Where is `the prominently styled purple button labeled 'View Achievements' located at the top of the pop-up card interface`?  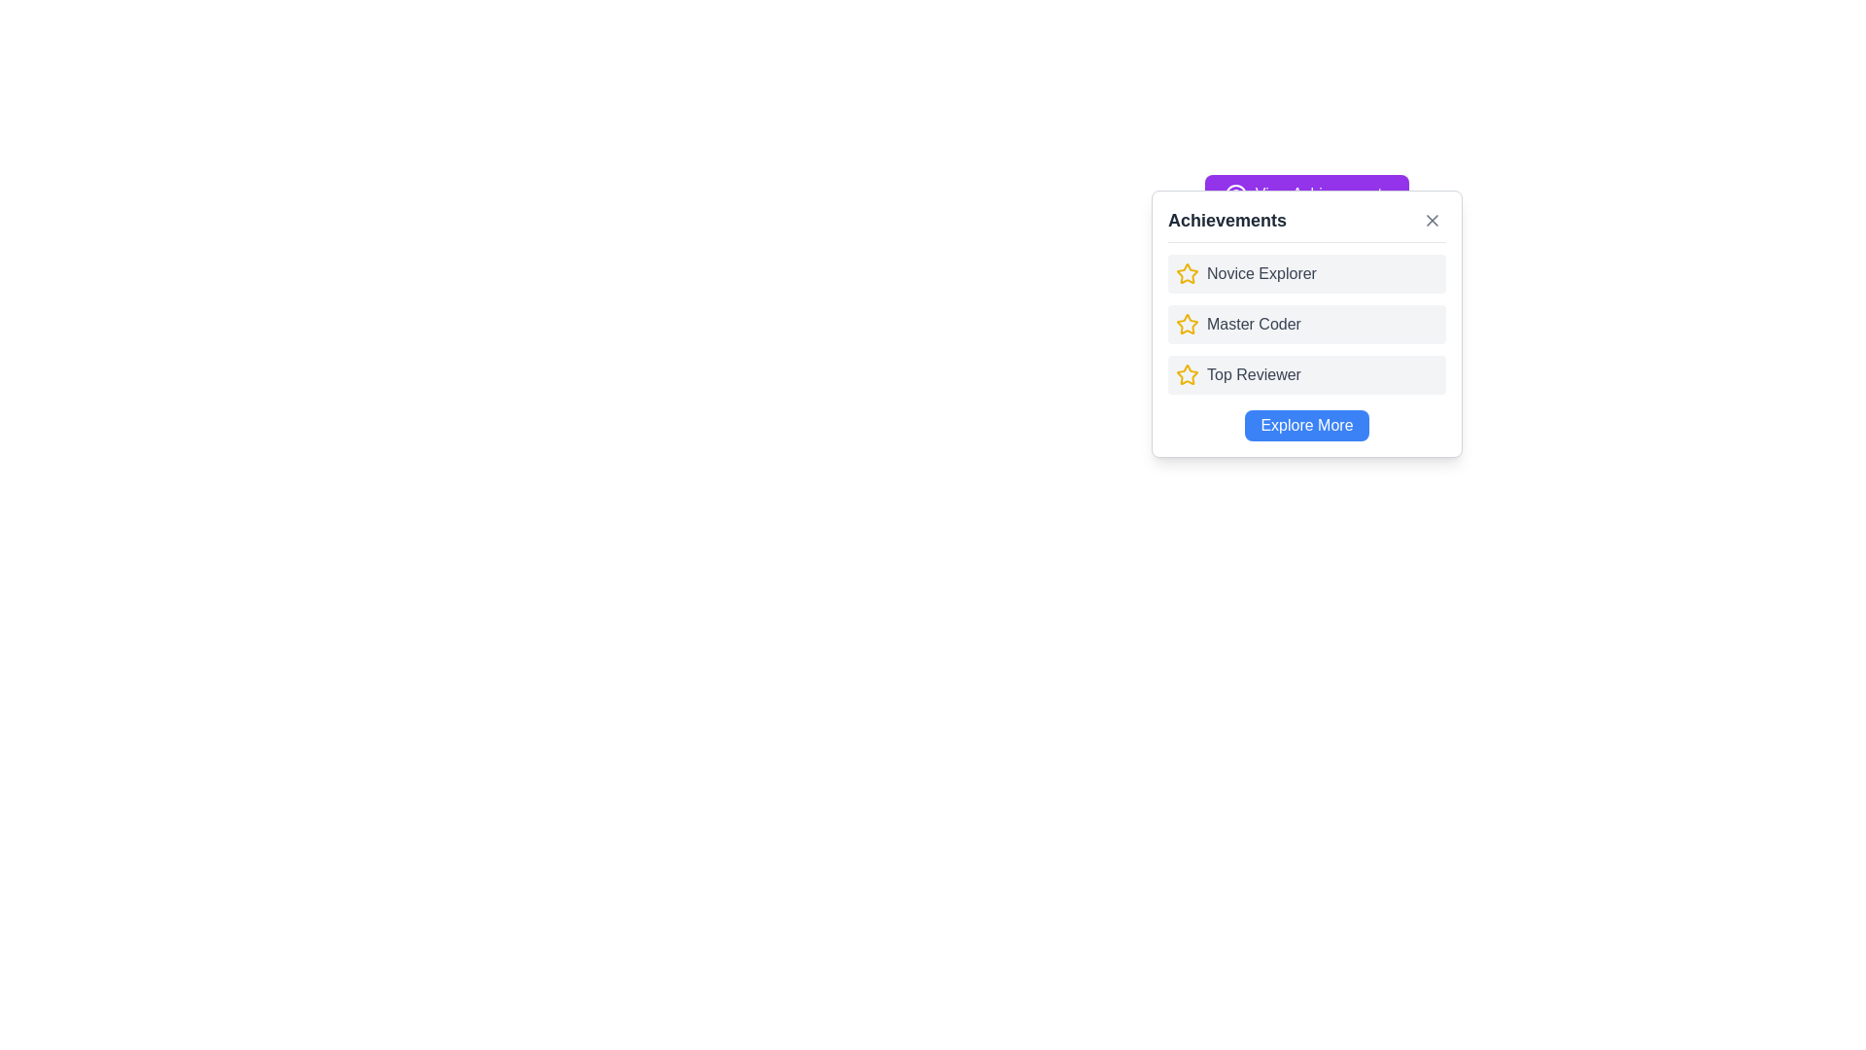
the prominently styled purple button labeled 'View Achievements' located at the top of the pop-up card interface is located at coordinates (1306, 194).